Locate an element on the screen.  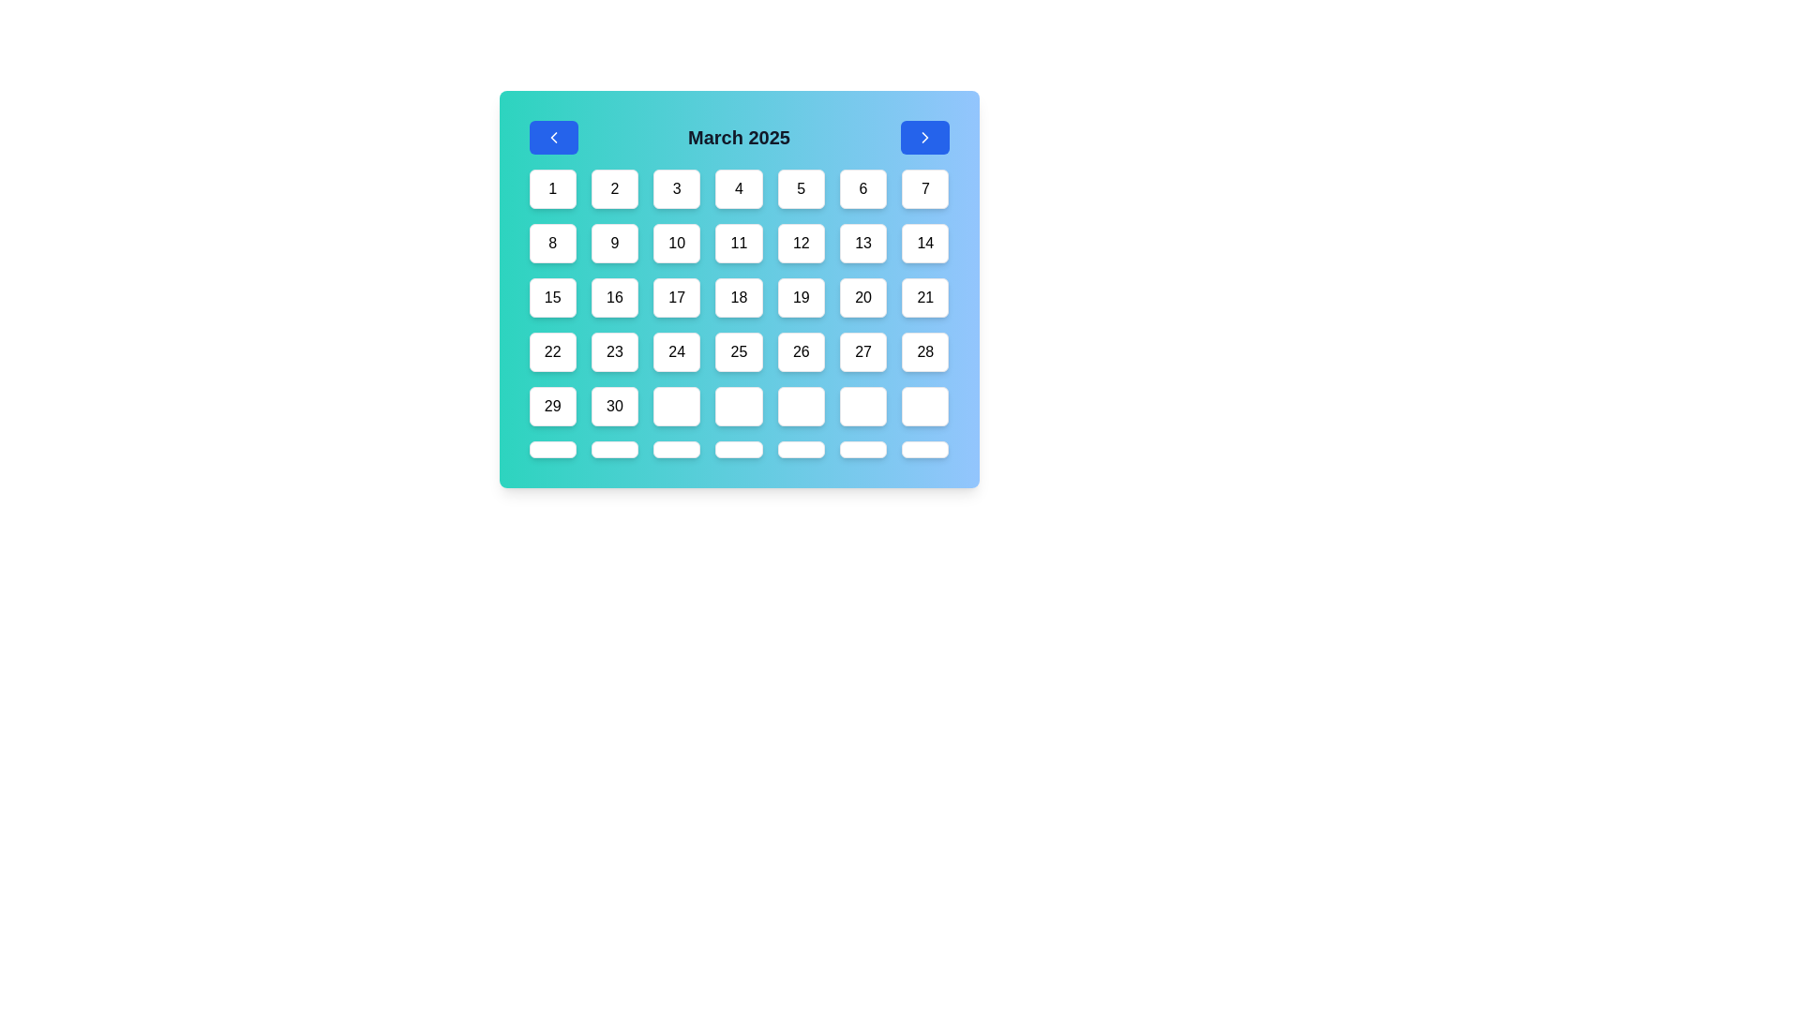
the button displaying the calendar date for the 27th is located at coordinates (862, 351).